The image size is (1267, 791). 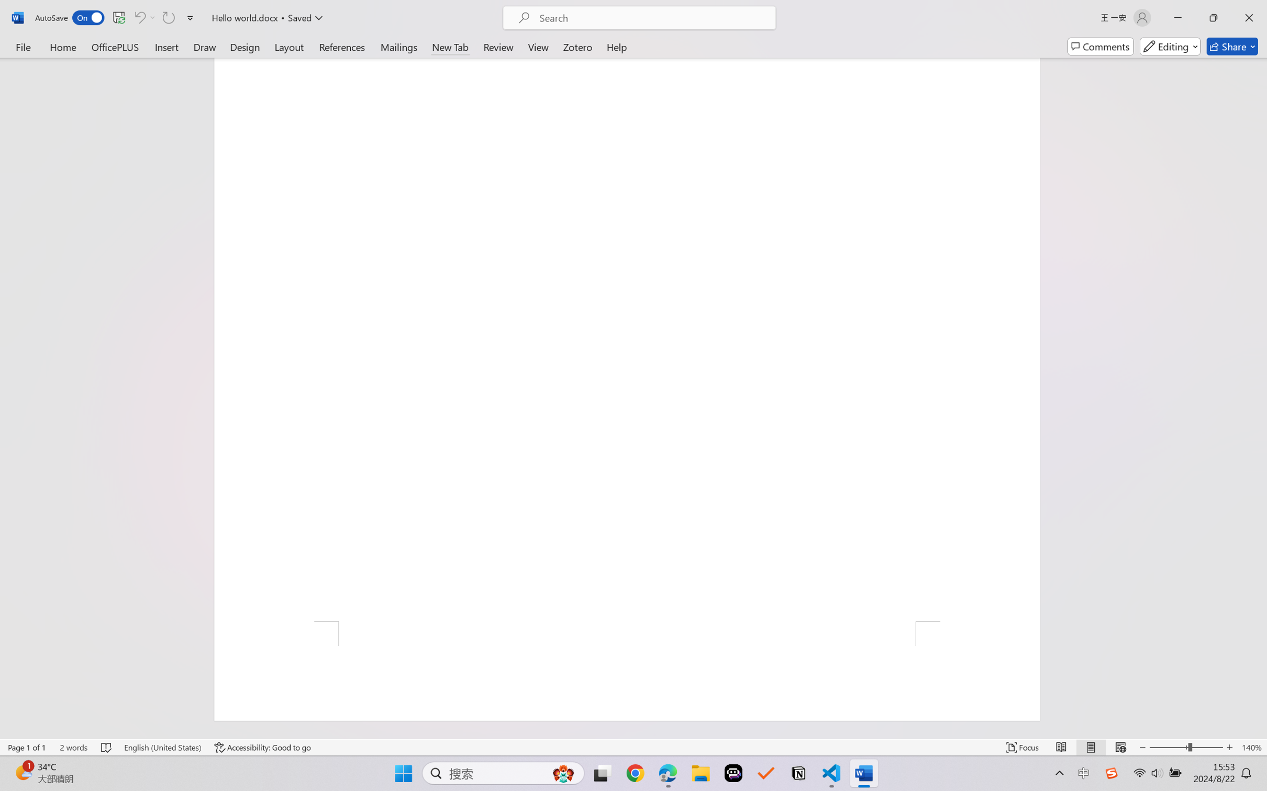 I want to click on 'Zoom', so click(x=1186, y=747).